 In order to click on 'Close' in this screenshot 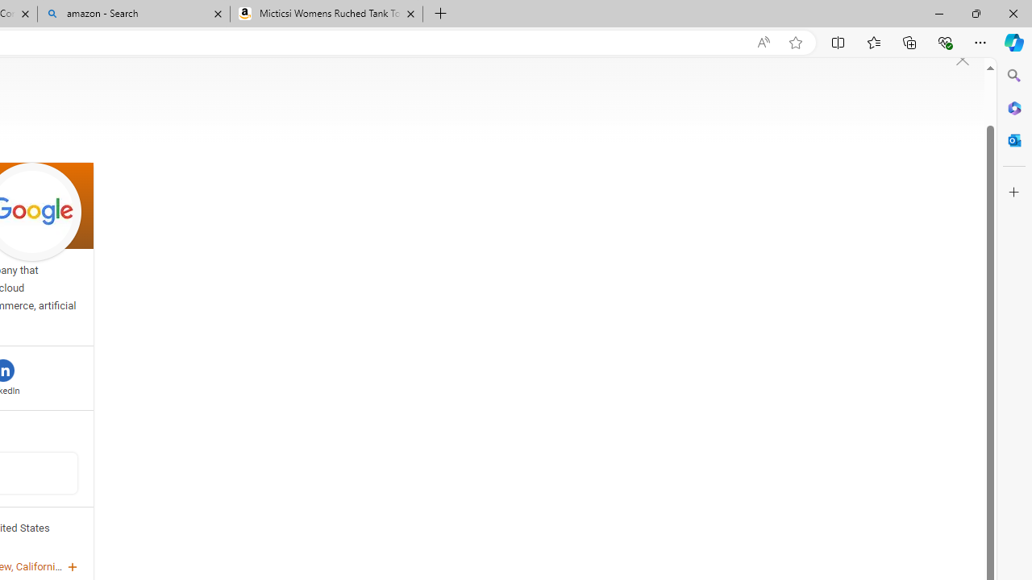, I will do `click(1012, 13)`.